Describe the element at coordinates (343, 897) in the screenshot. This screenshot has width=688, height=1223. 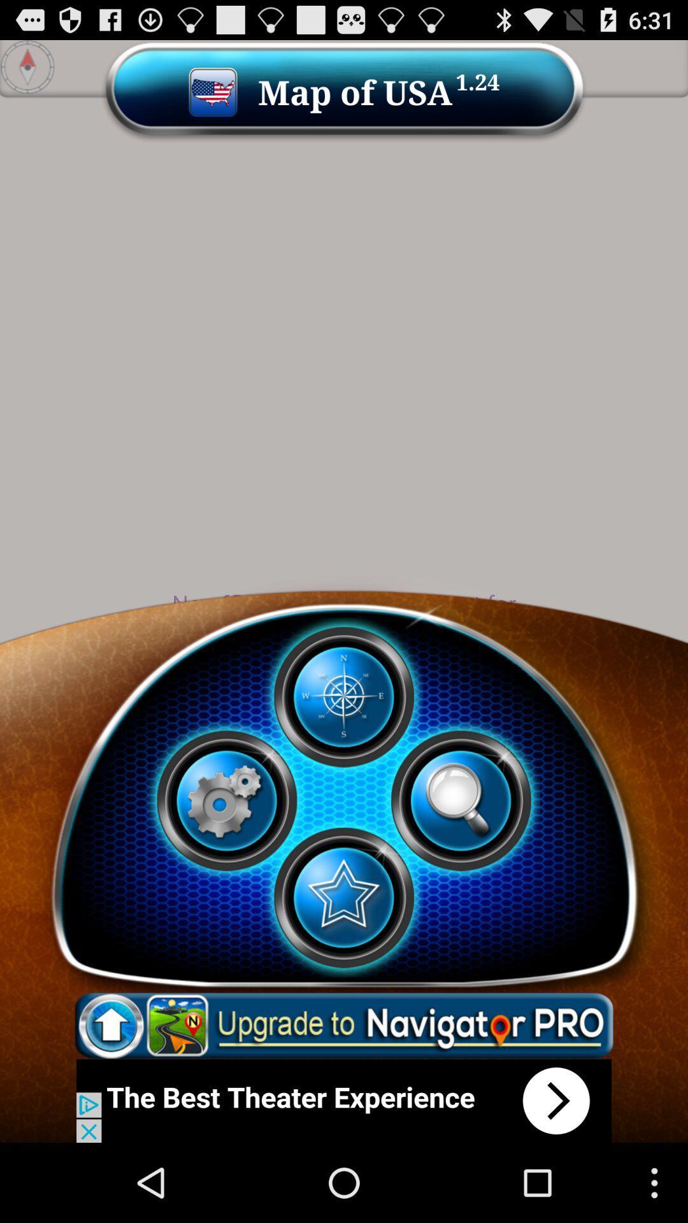
I see `open favorites` at that location.